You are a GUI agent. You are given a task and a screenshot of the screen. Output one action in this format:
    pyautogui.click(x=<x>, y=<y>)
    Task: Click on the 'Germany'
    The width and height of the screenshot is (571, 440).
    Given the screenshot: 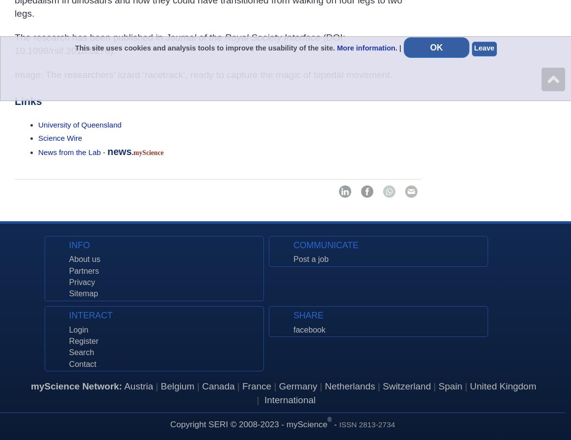 What is the action you would take?
    pyautogui.click(x=298, y=386)
    